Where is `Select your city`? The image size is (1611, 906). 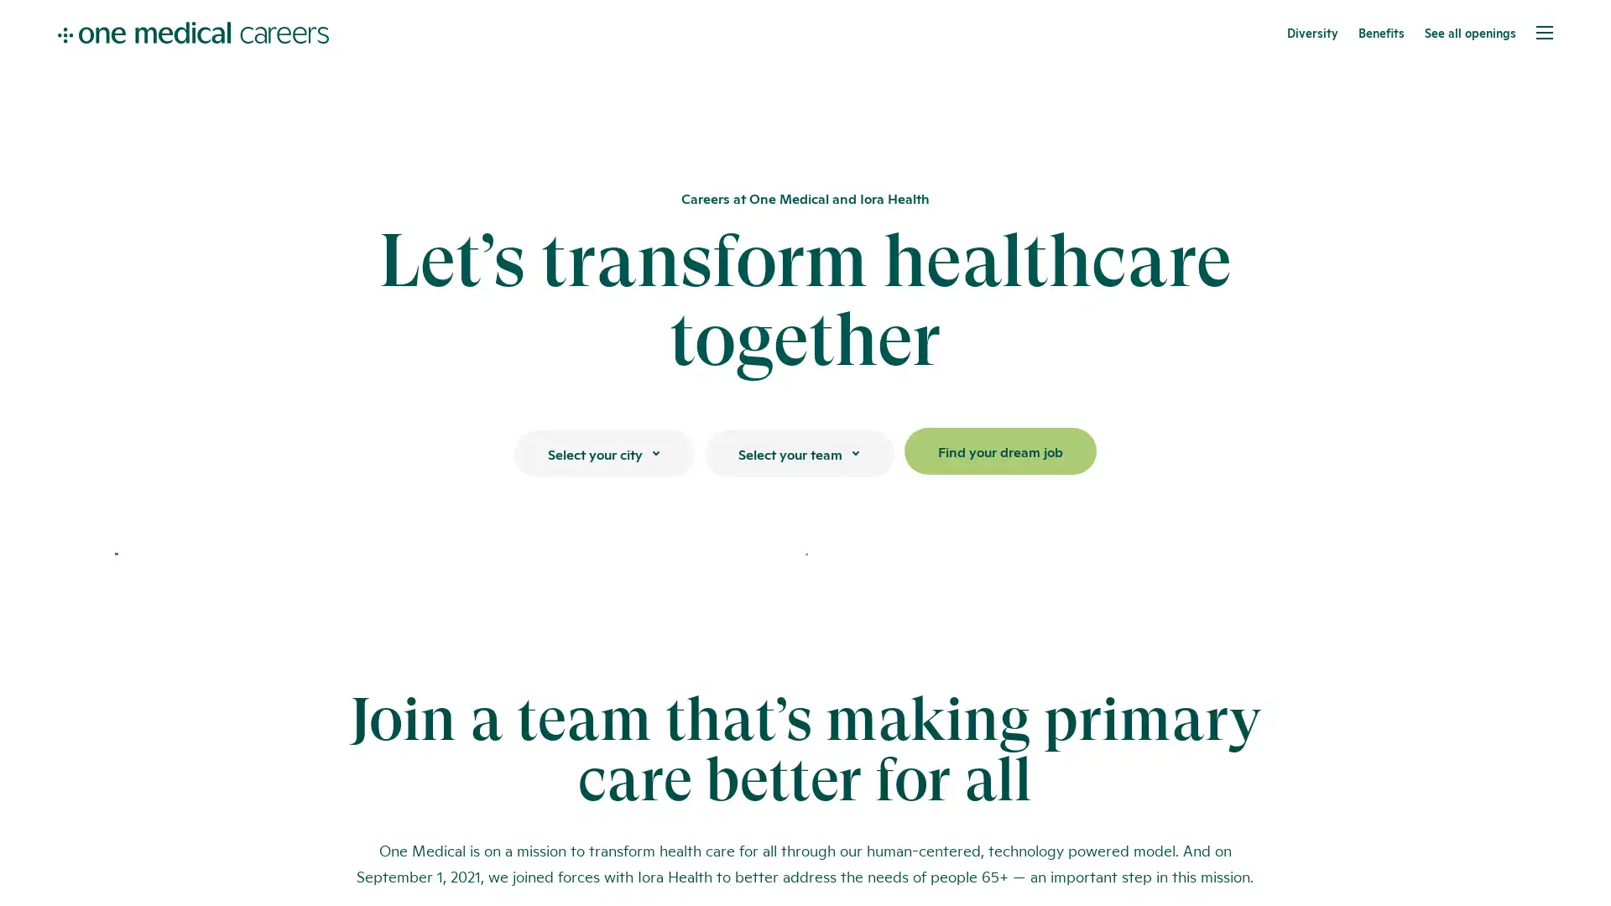
Select your city is located at coordinates (603, 453).